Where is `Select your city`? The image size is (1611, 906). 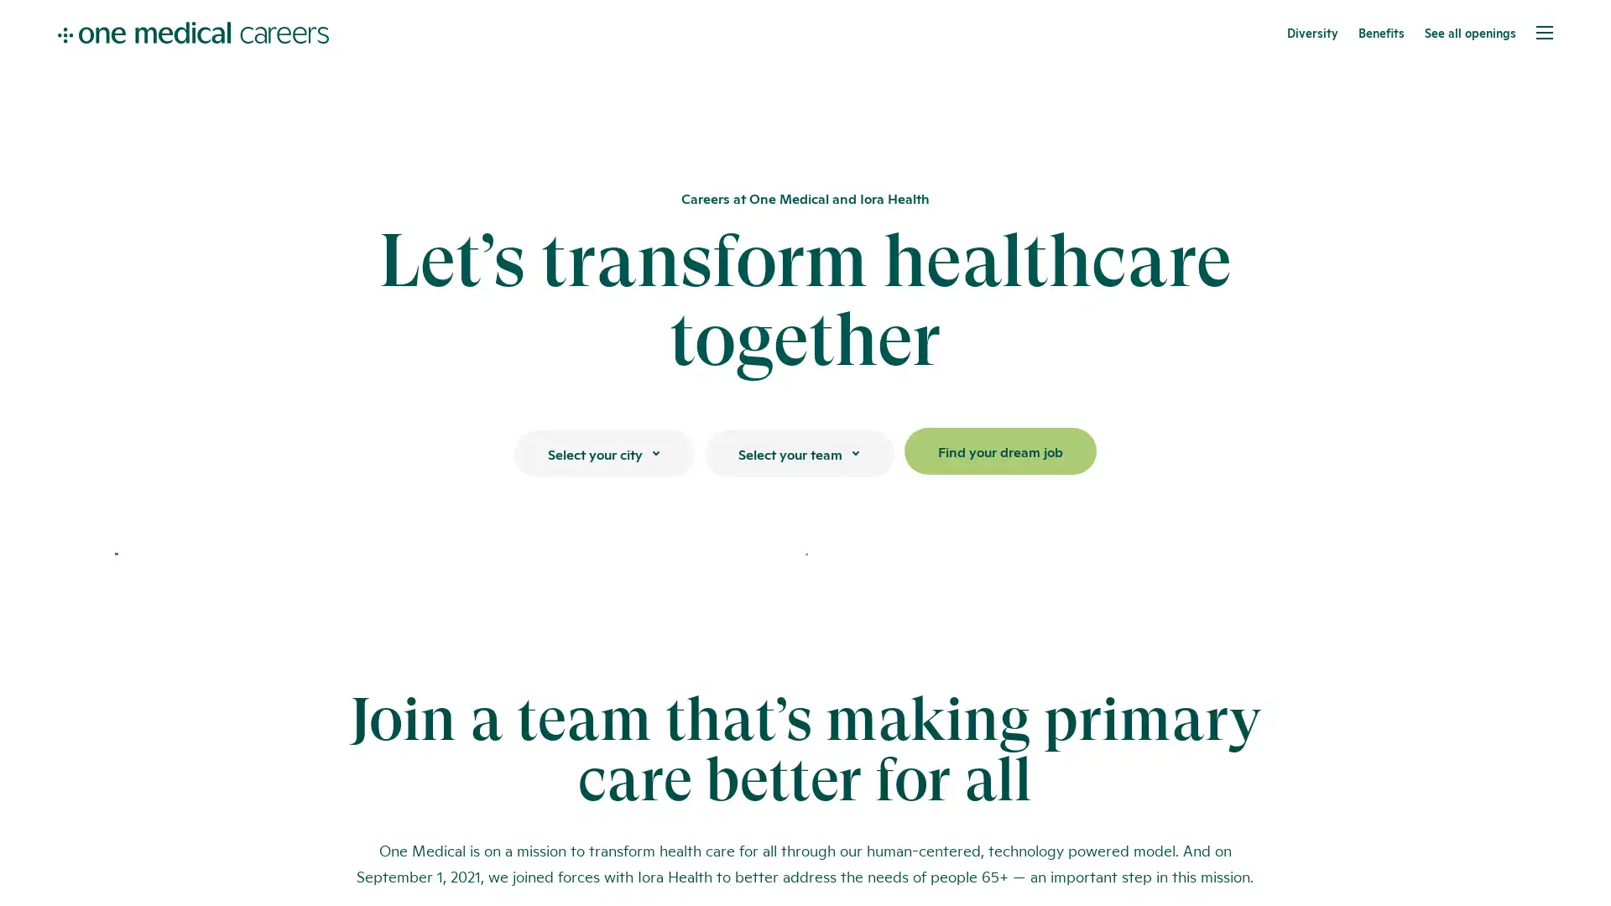
Select your city is located at coordinates (603, 453).